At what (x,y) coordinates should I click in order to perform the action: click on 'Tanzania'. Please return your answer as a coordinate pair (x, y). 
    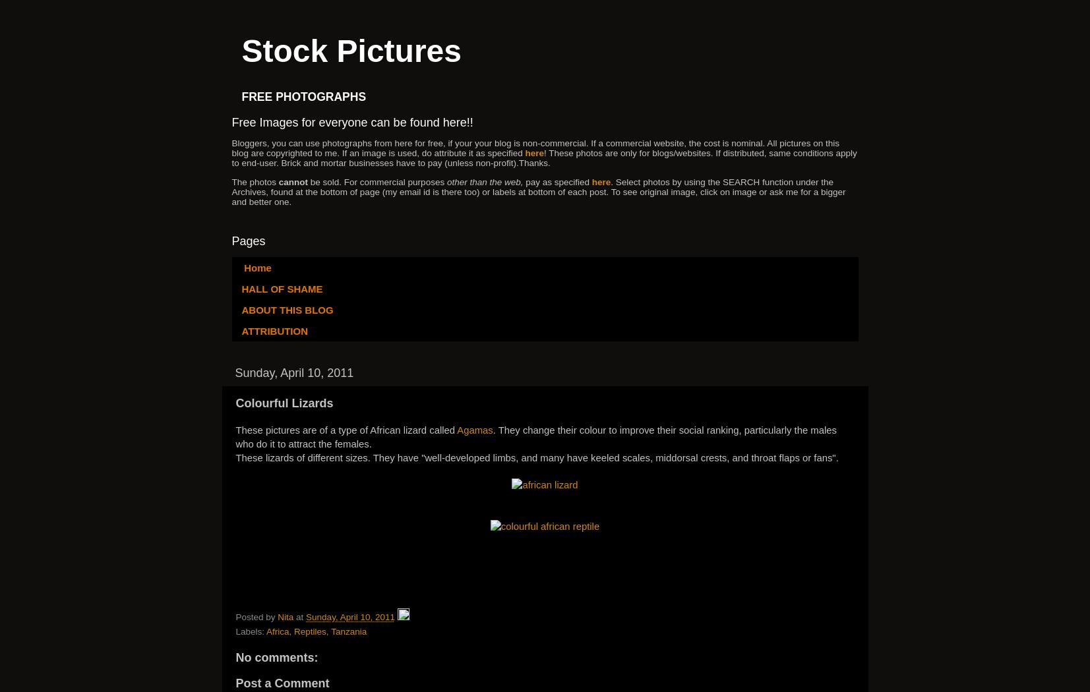
    Looking at the image, I should click on (348, 631).